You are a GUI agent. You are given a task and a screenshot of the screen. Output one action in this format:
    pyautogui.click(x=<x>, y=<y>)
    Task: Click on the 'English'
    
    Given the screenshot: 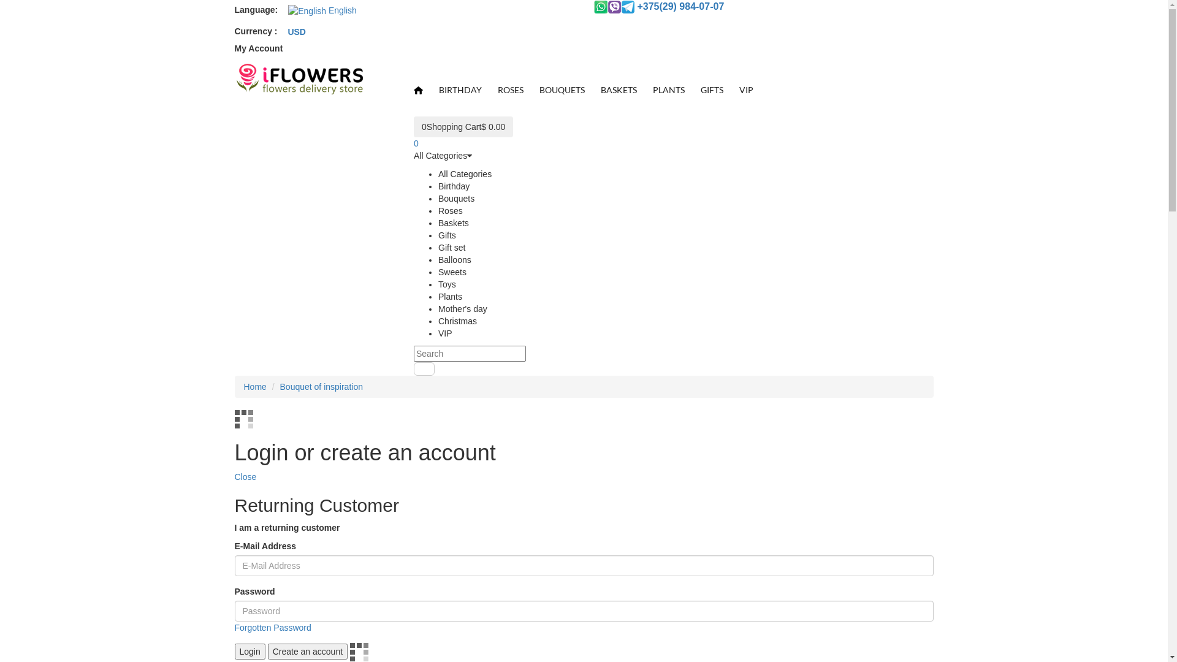 What is the action you would take?
    pyautogui.click(x=279, y=10)
    